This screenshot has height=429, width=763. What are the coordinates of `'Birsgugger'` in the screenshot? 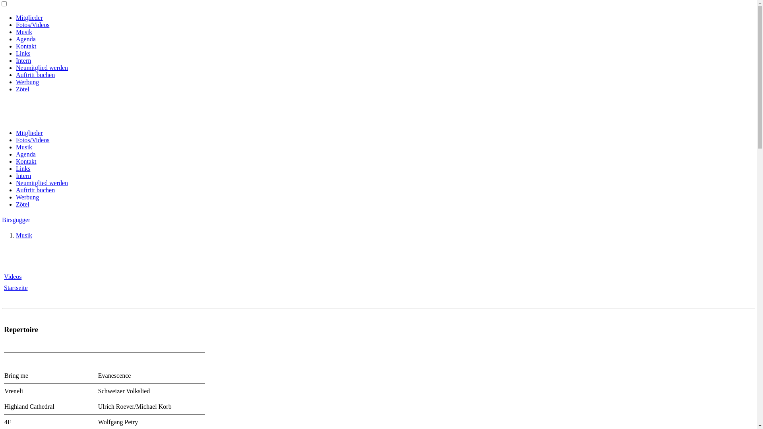 It's located at (16, 220).